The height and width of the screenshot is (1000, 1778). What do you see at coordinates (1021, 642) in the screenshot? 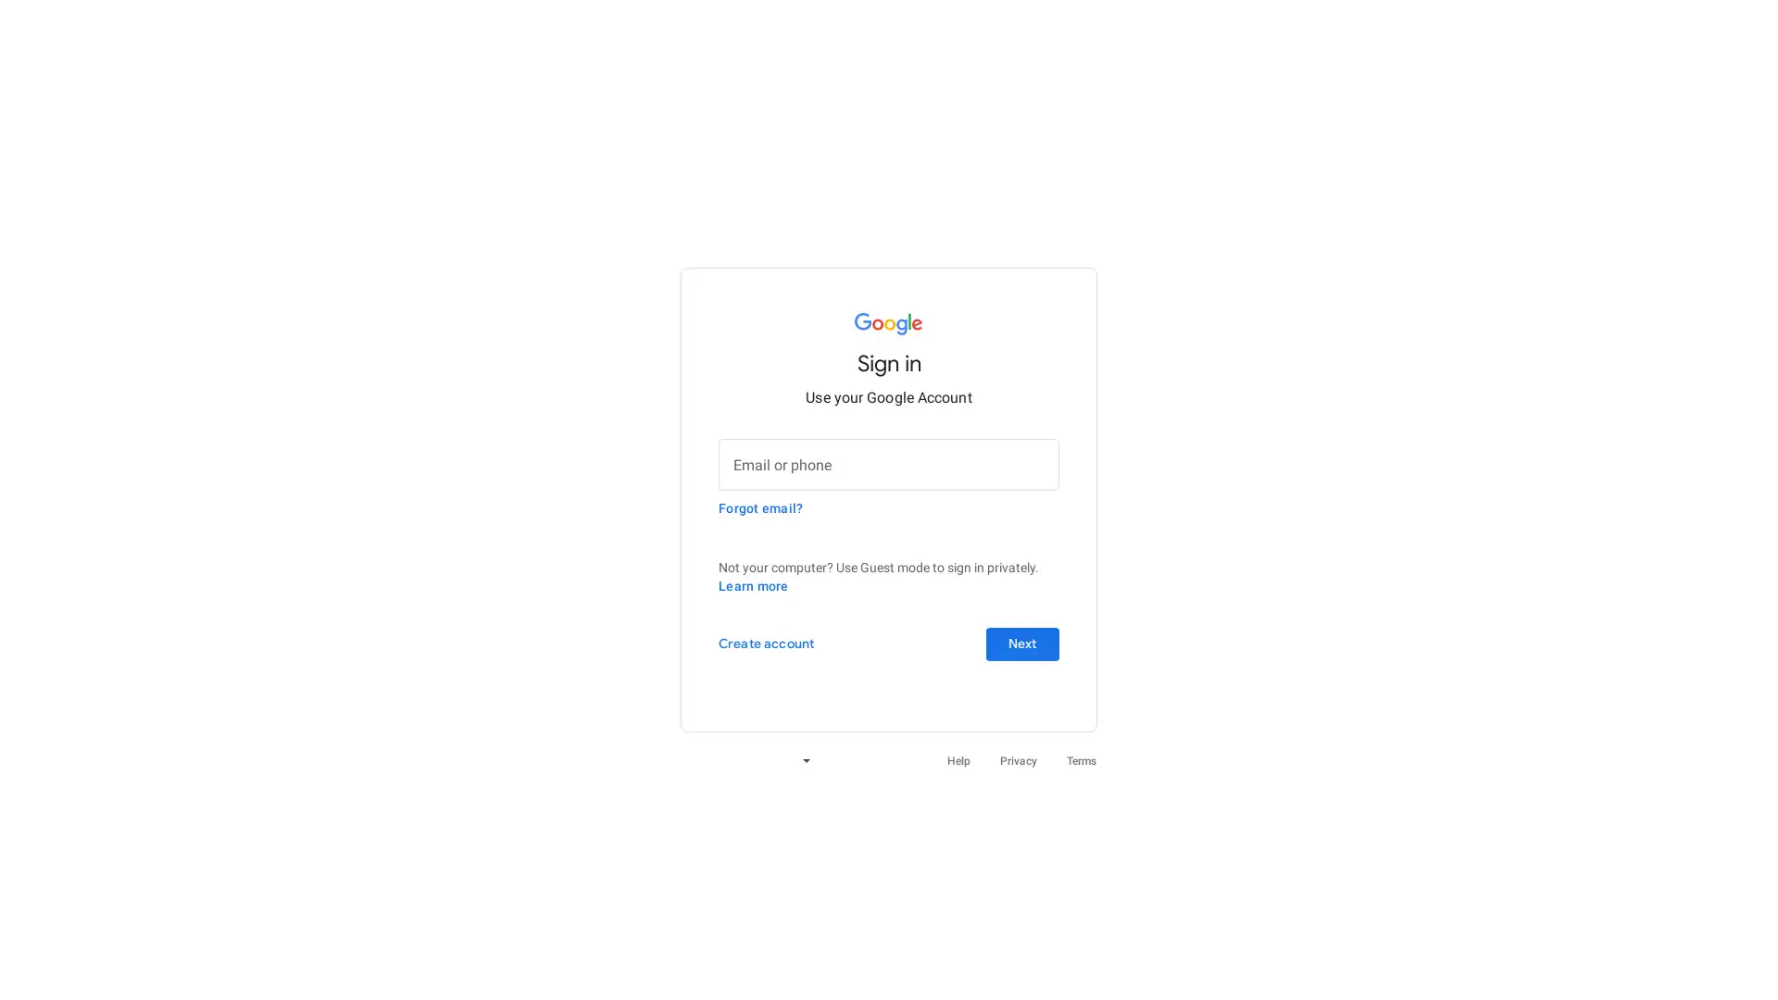
I see `Next` at bounding box center [1021, 642].